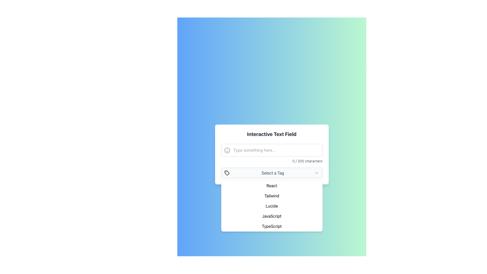 Image resolution: width=487 pixels, height=274 pixels. What do you see at coordinates (271, 195) in the screenshot?
I see `the second dropdown option` at bounding box center [271, 195].